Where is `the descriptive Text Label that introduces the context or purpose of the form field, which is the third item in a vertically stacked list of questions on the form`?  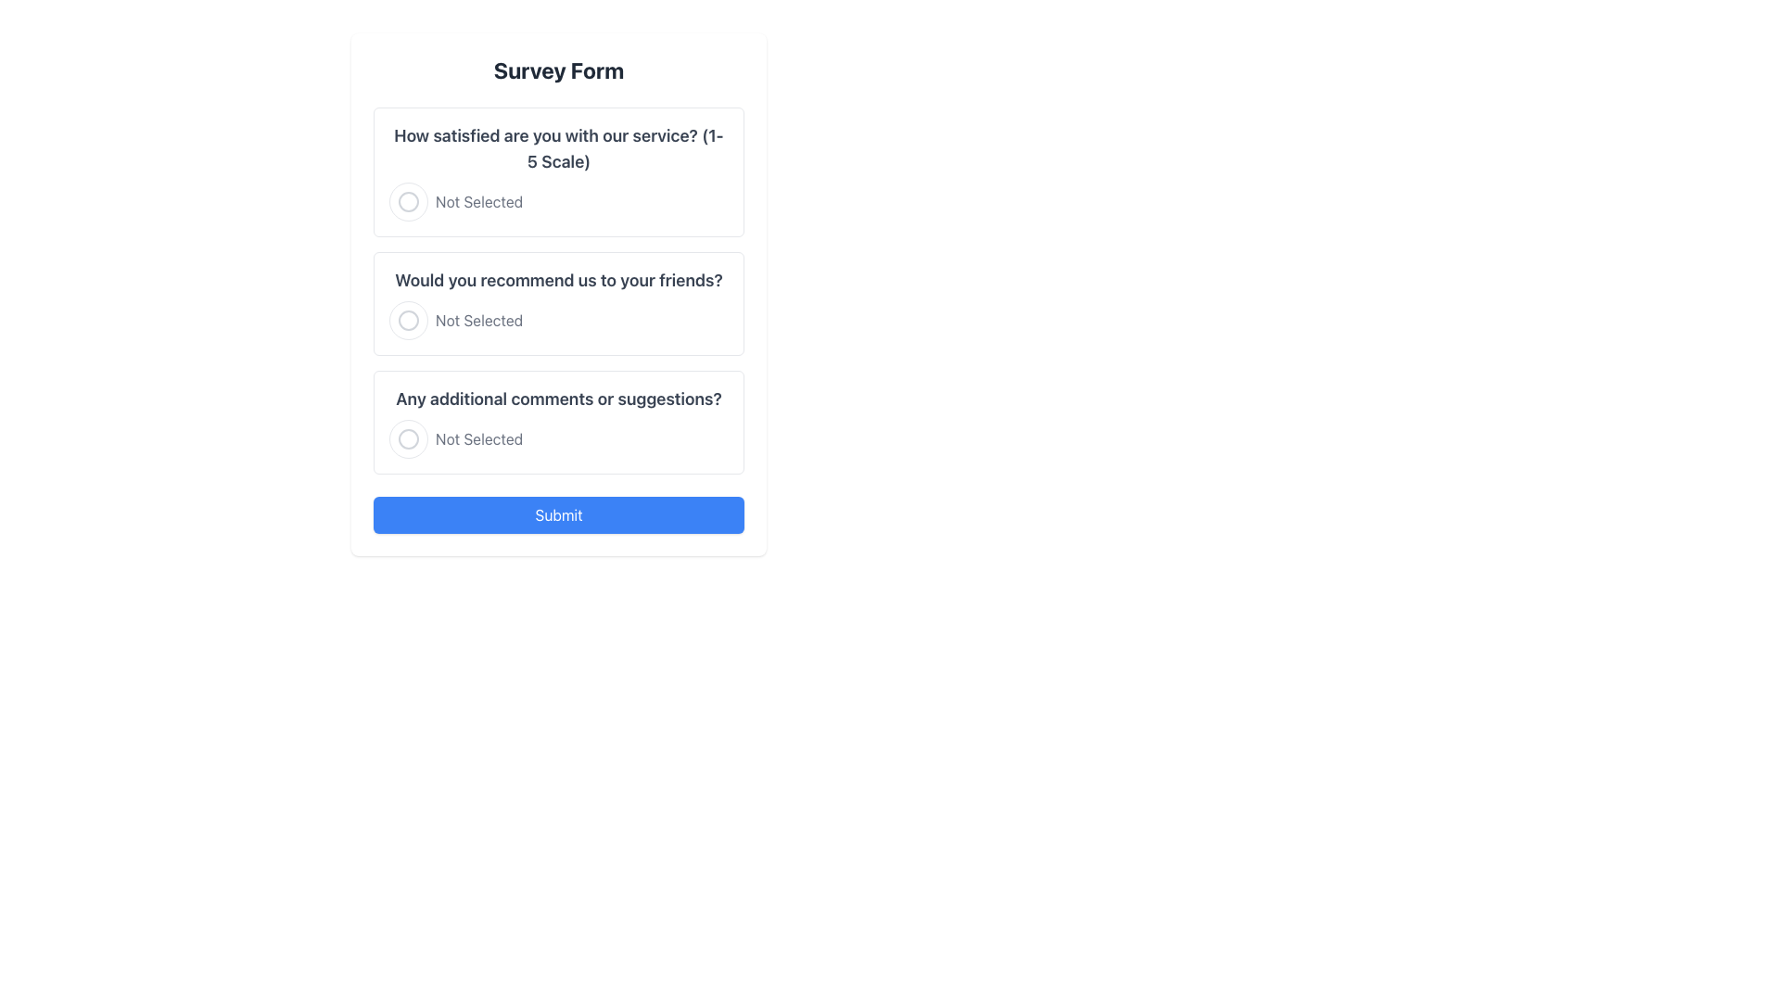 the descriptive Text Label that introduces the context or purpose of the form field, which is the third item in a vertically stacked list of questions on the form is located at coordinates (558, 399).